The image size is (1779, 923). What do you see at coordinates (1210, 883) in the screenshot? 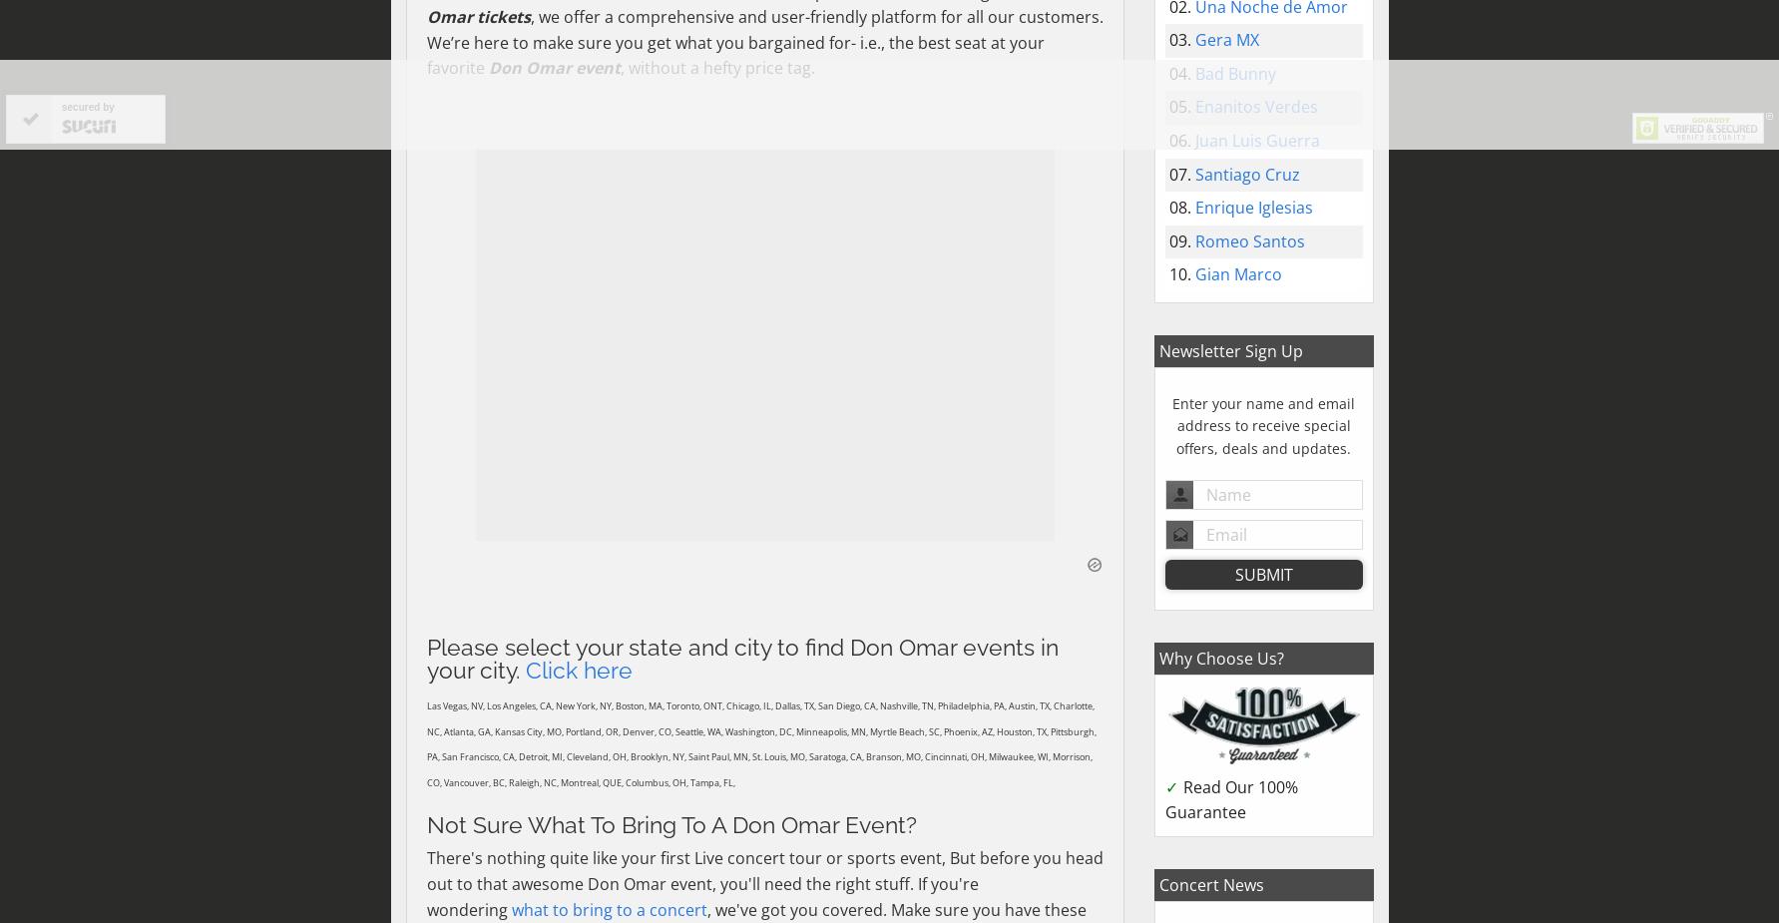
I see `'Concert News'` at bounding box center [1210, 883].